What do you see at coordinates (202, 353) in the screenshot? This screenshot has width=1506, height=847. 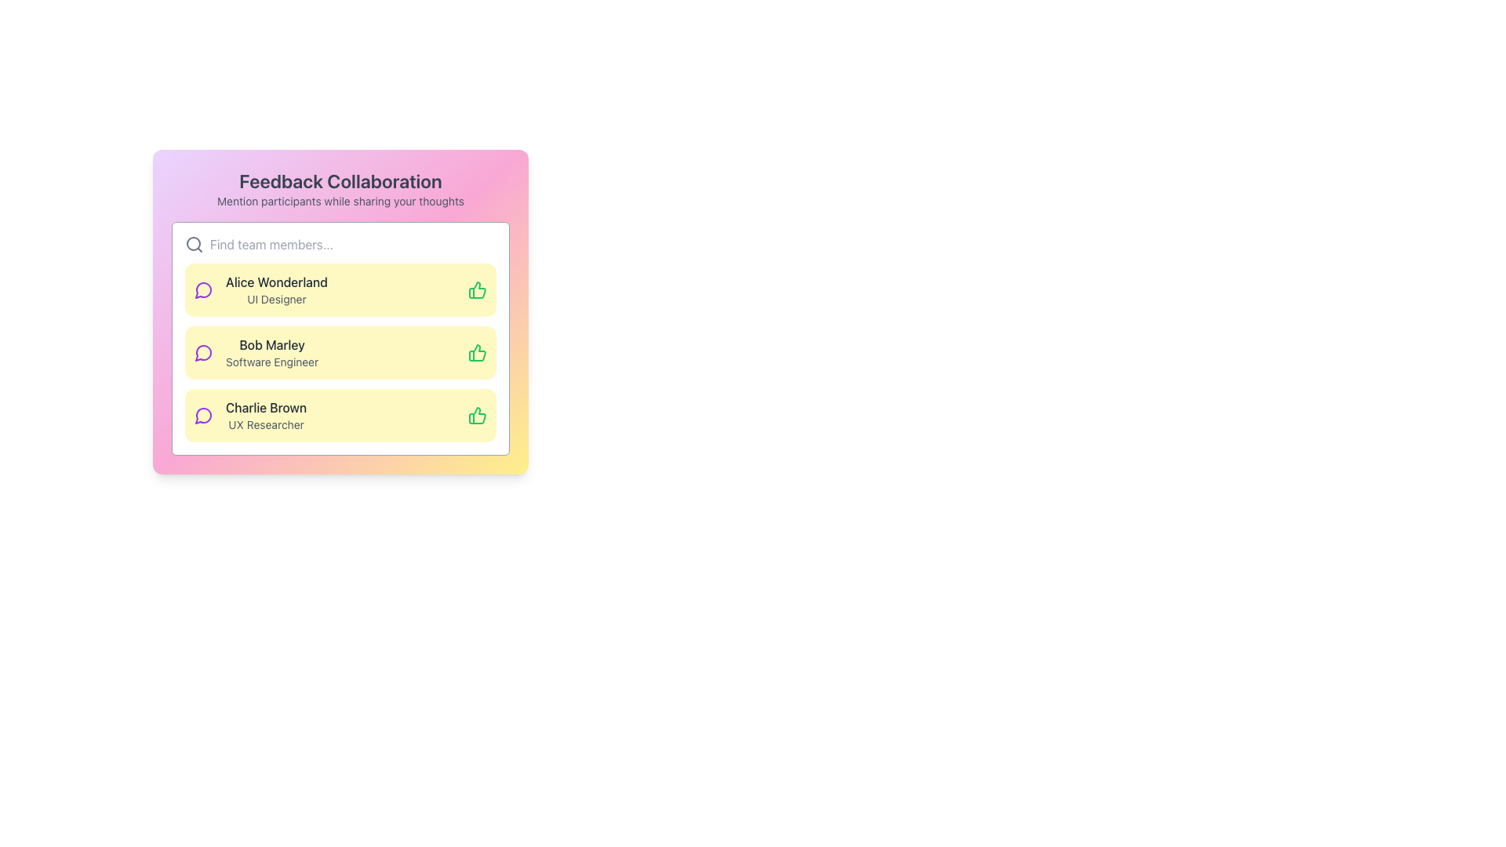 I see `the lower-left part of the SVG graphic resembling a speech bubble, which features a purple outline and a pale yellow background, located next to the name 'Bob Marley'` at bounding box center [202, 353].